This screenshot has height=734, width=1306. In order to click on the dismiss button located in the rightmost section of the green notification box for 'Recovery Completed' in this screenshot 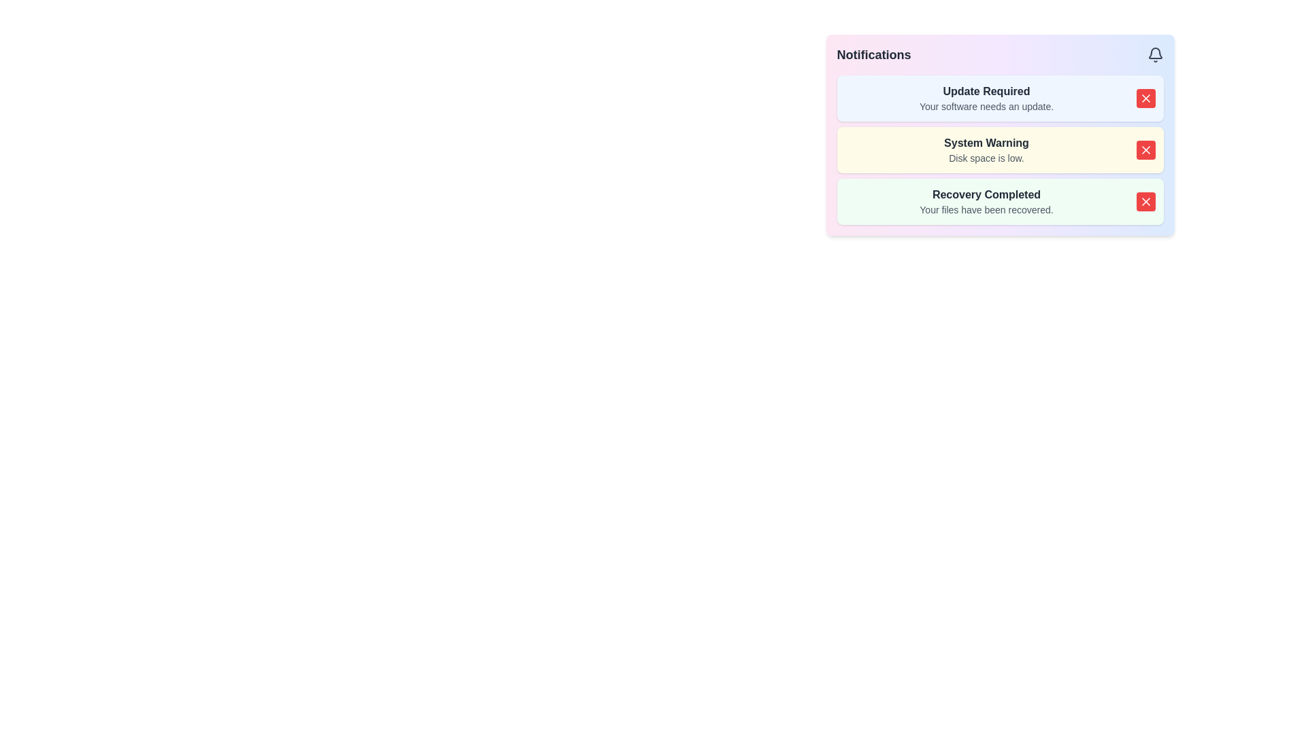, I will do `click(1145, 202)`.